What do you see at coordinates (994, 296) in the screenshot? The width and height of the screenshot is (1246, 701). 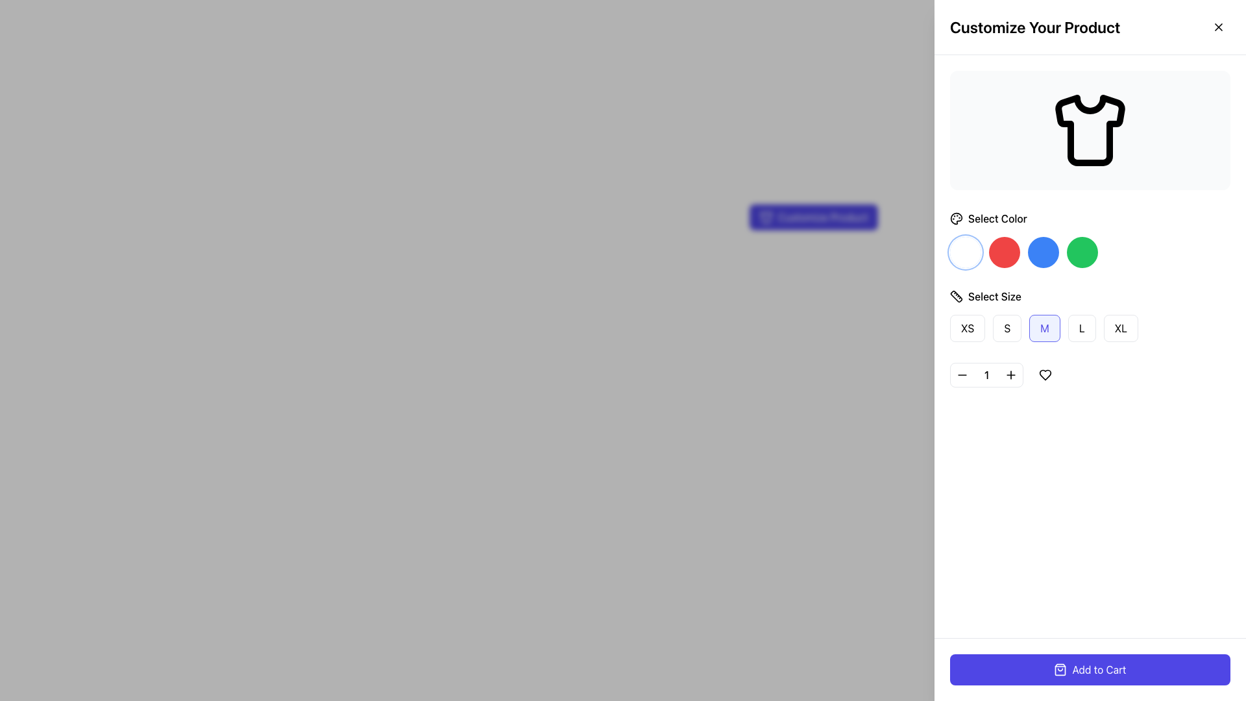 I see `the 'Select Size' text label, which is displayed in a medium-weight font and is located next to a small ruler icon on the right pane, below the color selection section` at bounding box center [994, 296].